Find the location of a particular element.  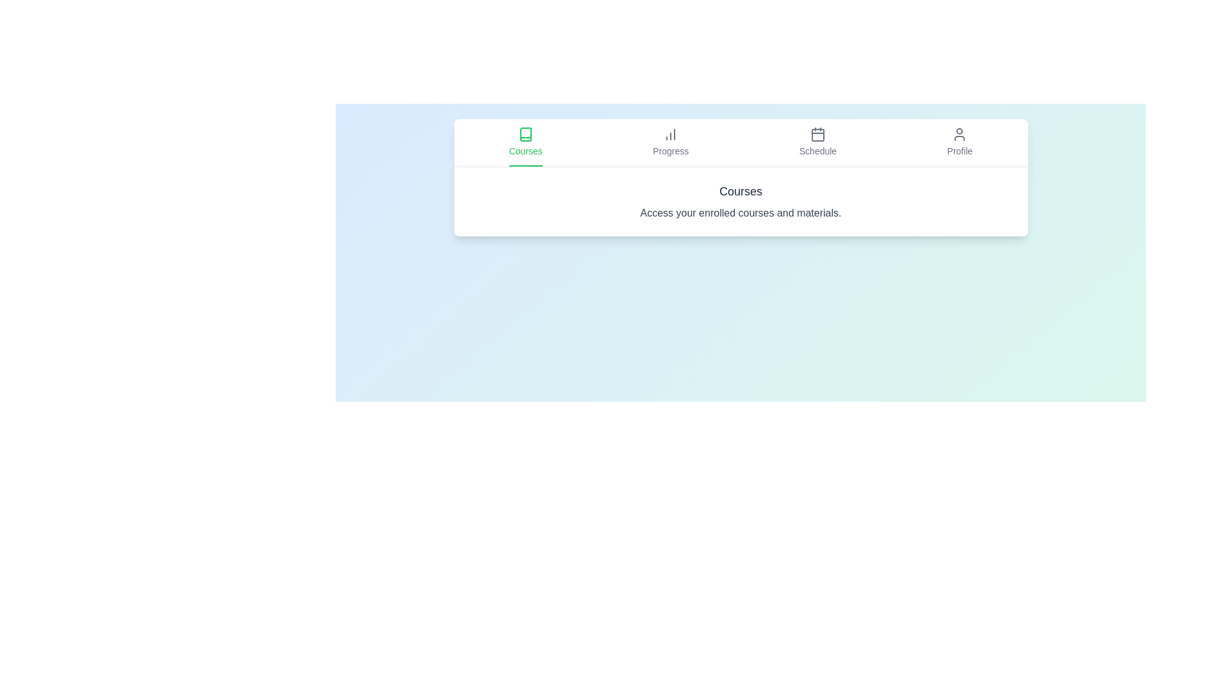

the tab labeled Schedule is located at coordinates (817, 143).